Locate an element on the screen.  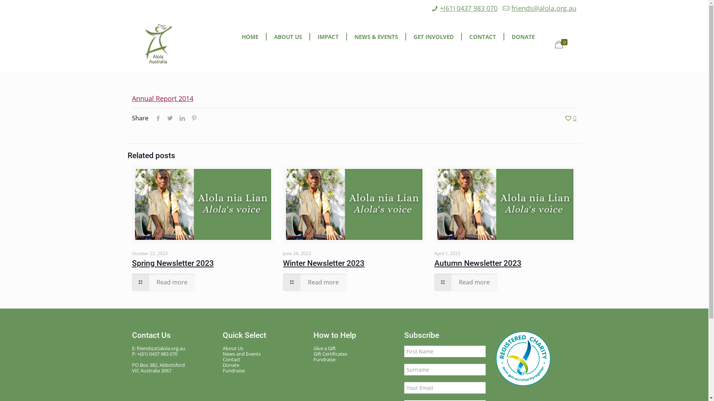
'Fundraise' is located at coordinates (264, 371).